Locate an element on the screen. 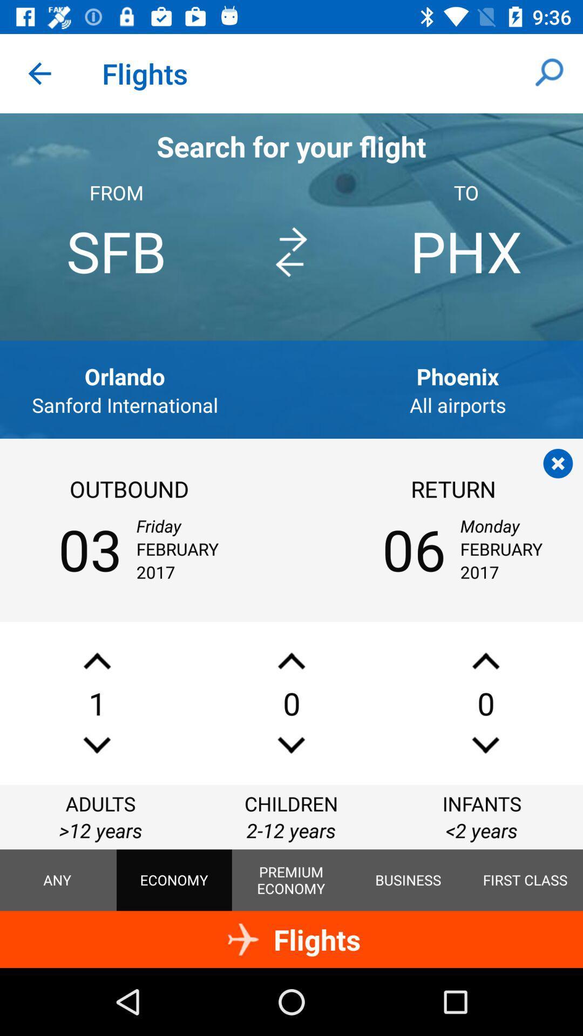  the sliders icon is located at coordinates (291, 745).